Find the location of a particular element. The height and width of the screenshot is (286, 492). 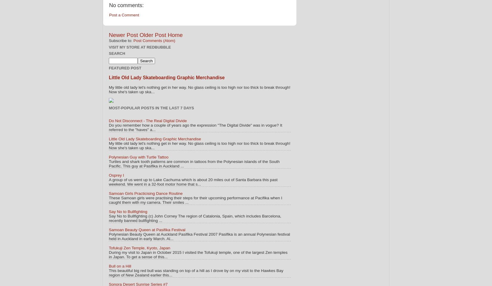

'These Samoan girls were practising their steps for their upcoming performance at Pacifika when I caught them with my camera.   Their smiles ...' is located at coordinates (195, 200).